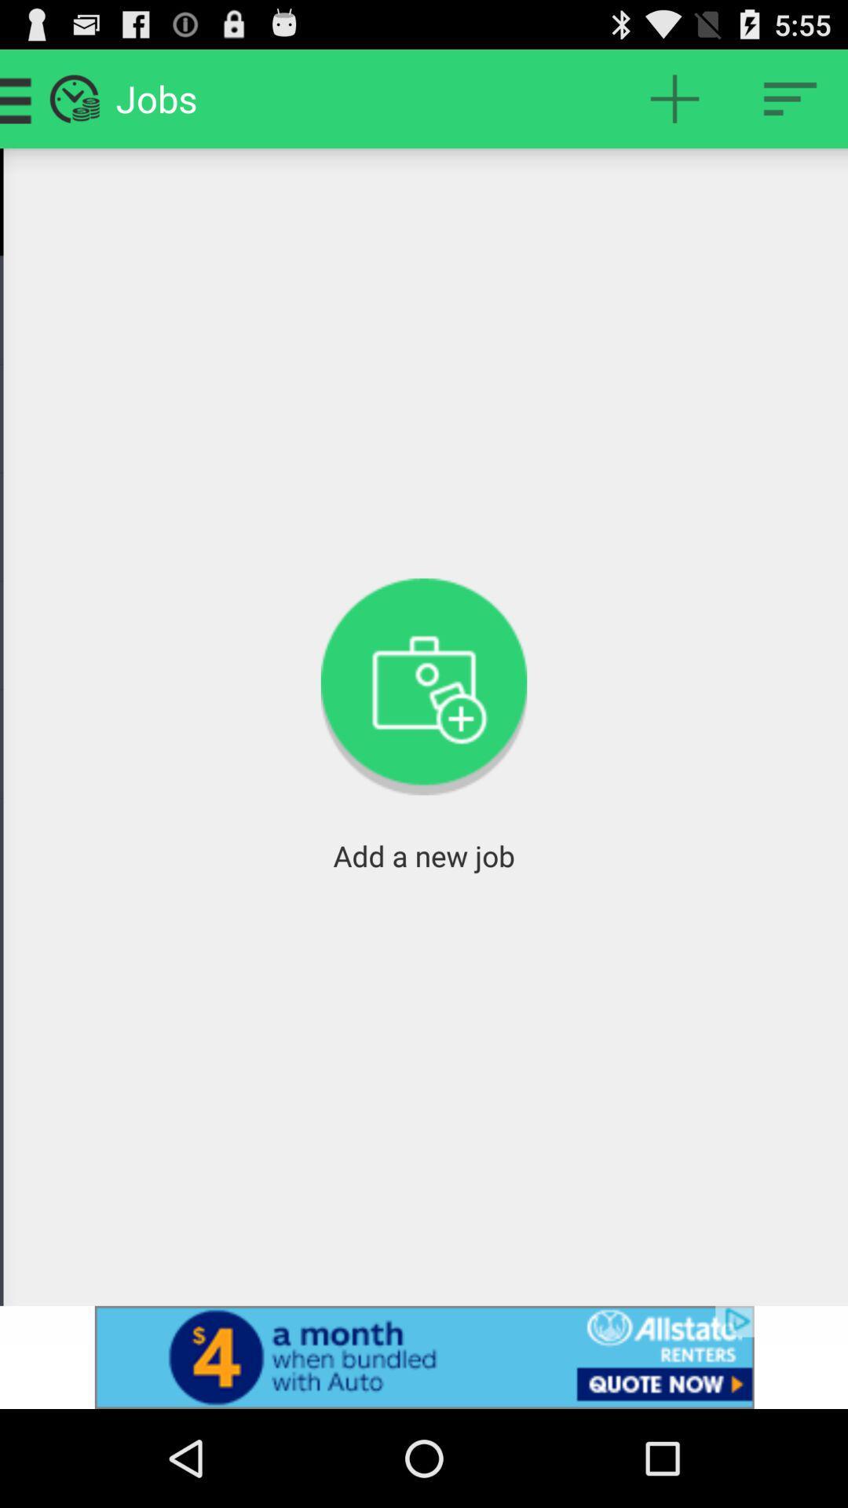 The image size is (848, 1508). Describe the element at coordinates (674, 97) in the screenshot. I see `an entry` at that location.